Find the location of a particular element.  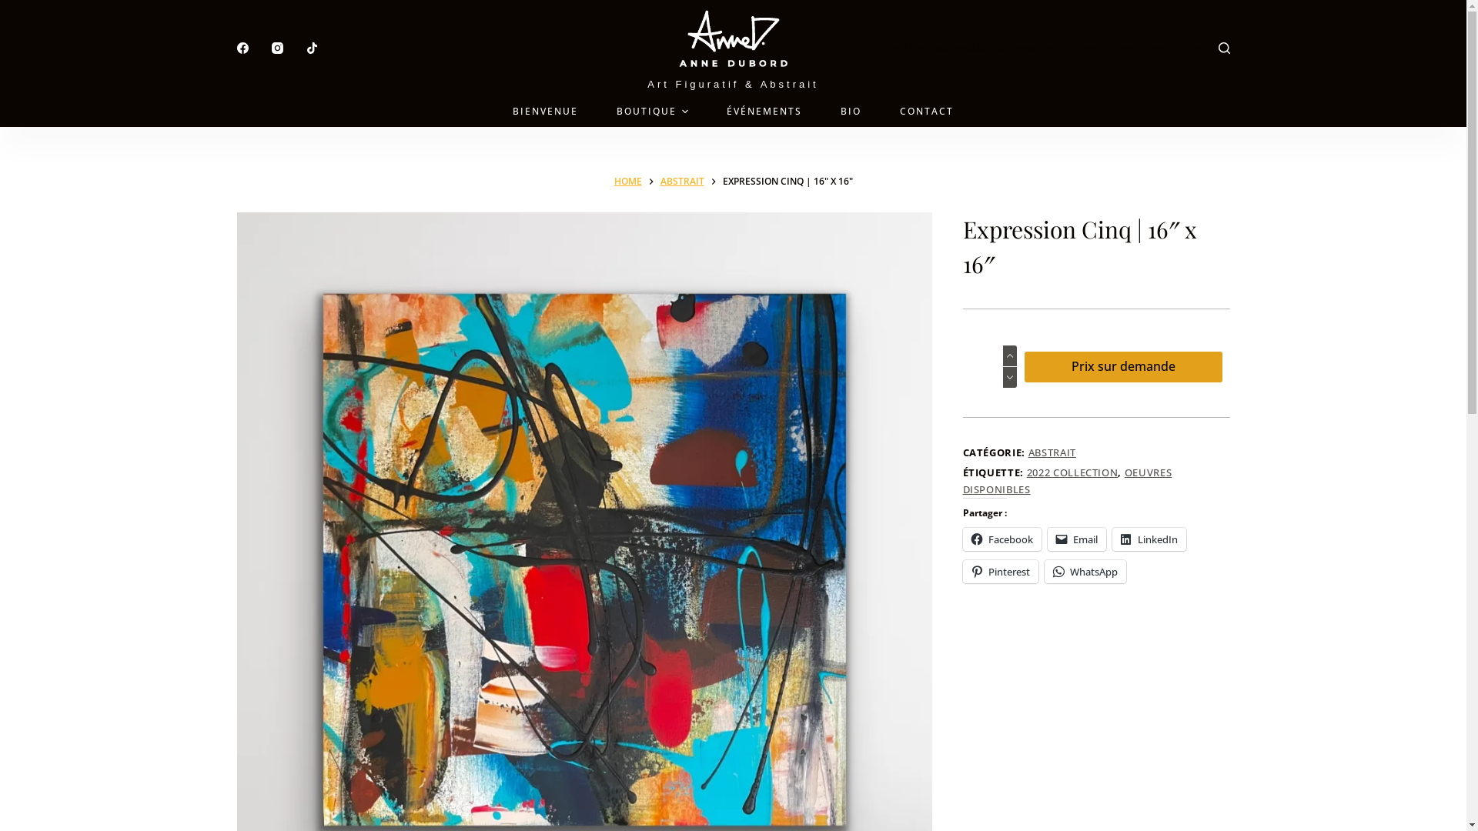

'WhatsApp' is located at coordinates (1044, 572).